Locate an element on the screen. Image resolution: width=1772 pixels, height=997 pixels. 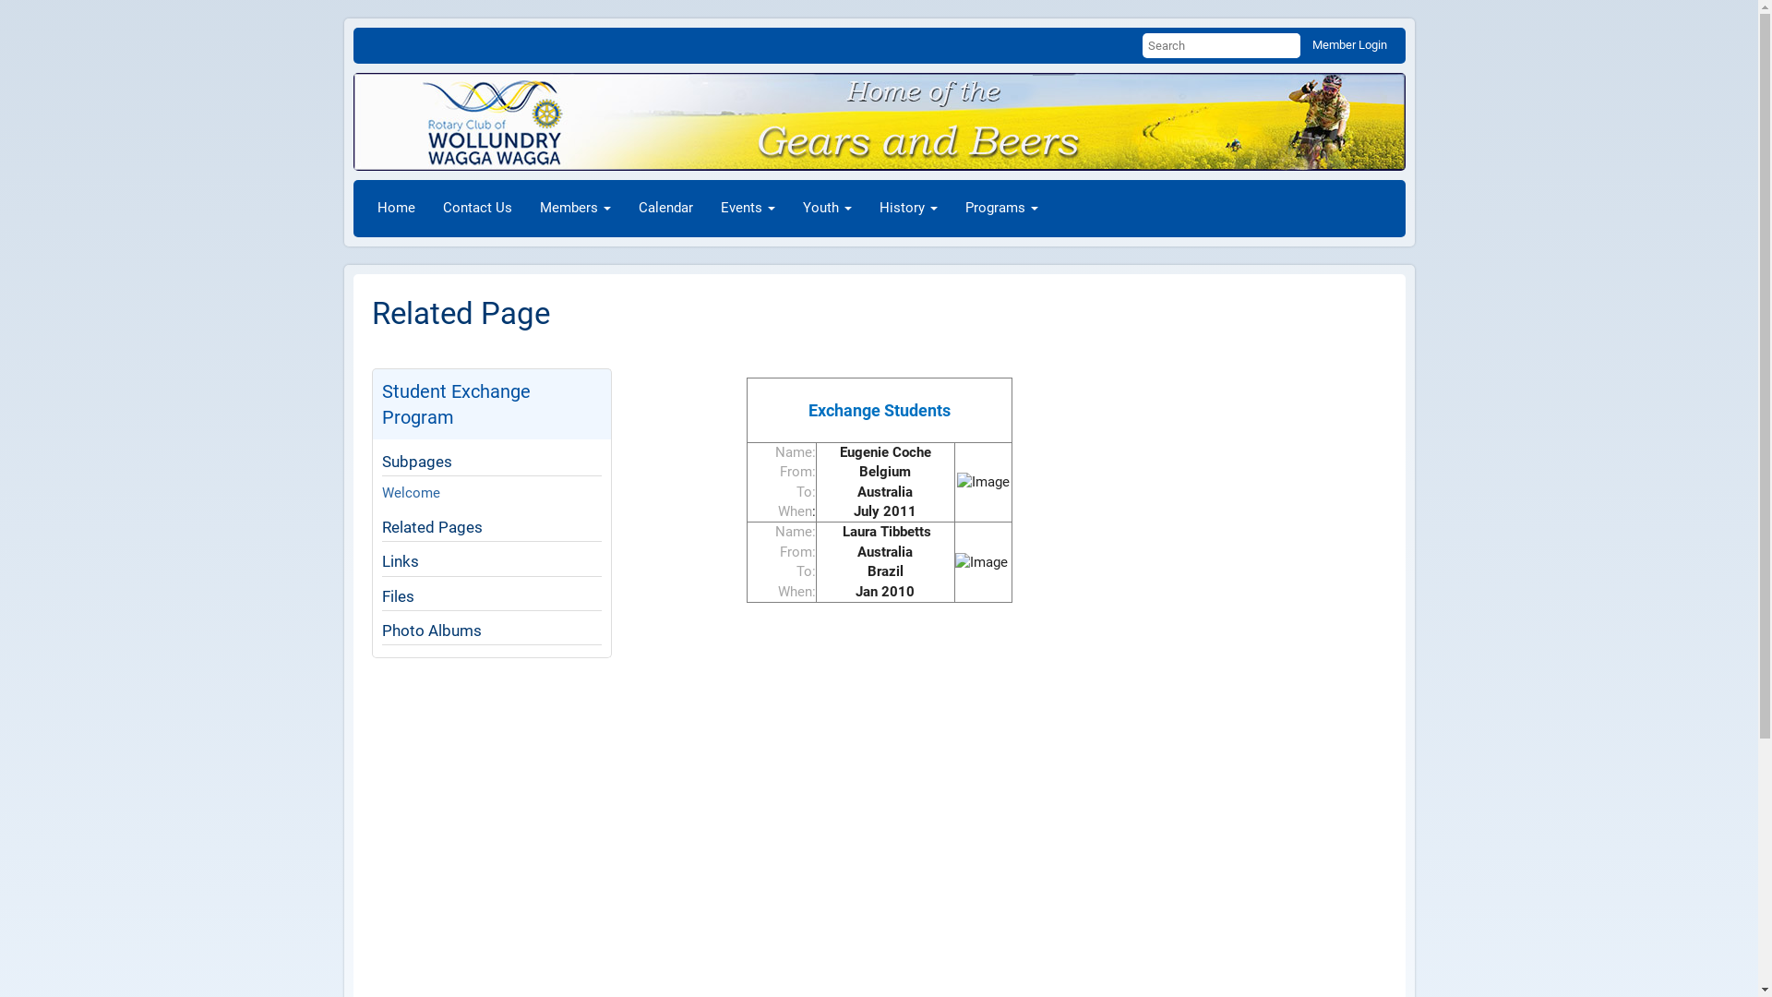
'Programs' is located at coordinates (1000, 208).